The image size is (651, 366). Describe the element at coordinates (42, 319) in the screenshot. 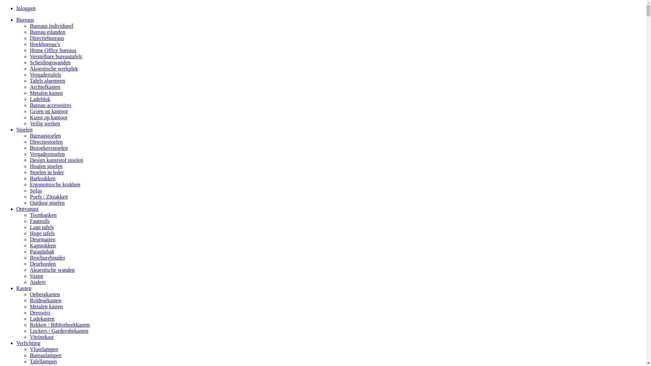

I see `'Ladekasten'` at that location.